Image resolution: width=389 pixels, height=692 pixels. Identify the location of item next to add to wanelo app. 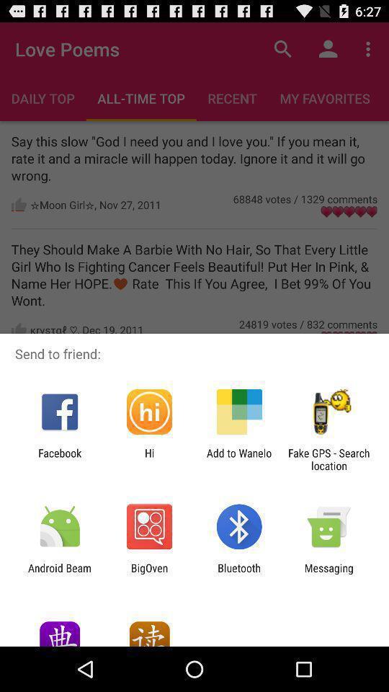
(148, 458).